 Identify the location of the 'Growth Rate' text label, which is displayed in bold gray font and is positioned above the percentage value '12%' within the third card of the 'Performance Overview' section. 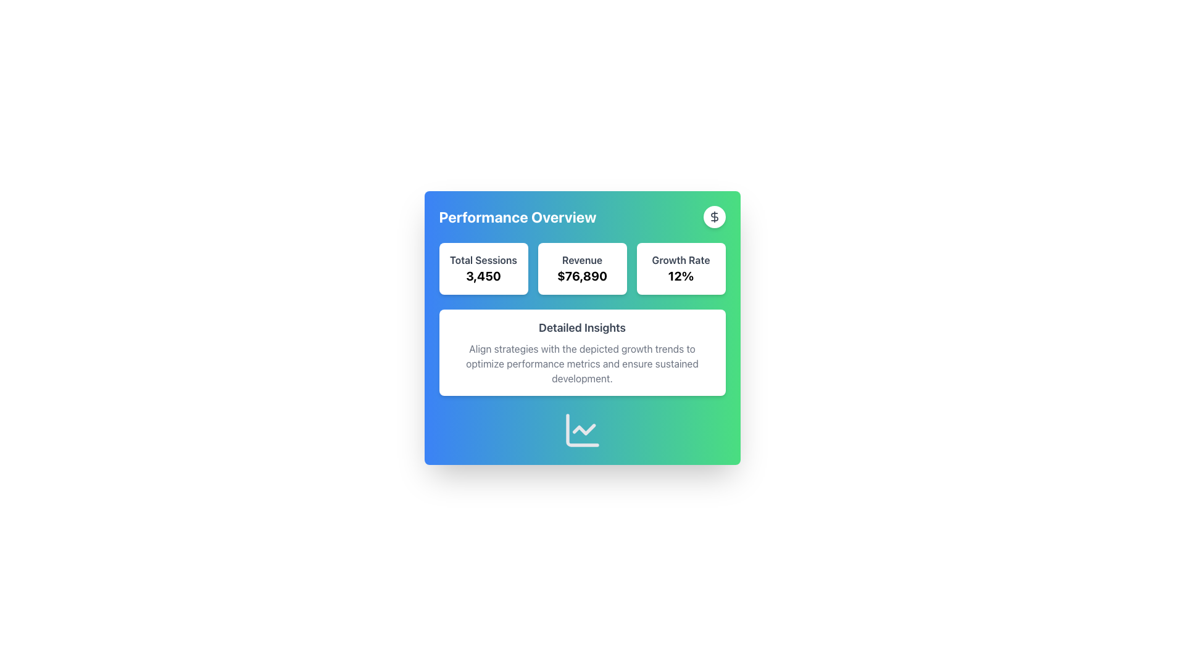
(680, 259).